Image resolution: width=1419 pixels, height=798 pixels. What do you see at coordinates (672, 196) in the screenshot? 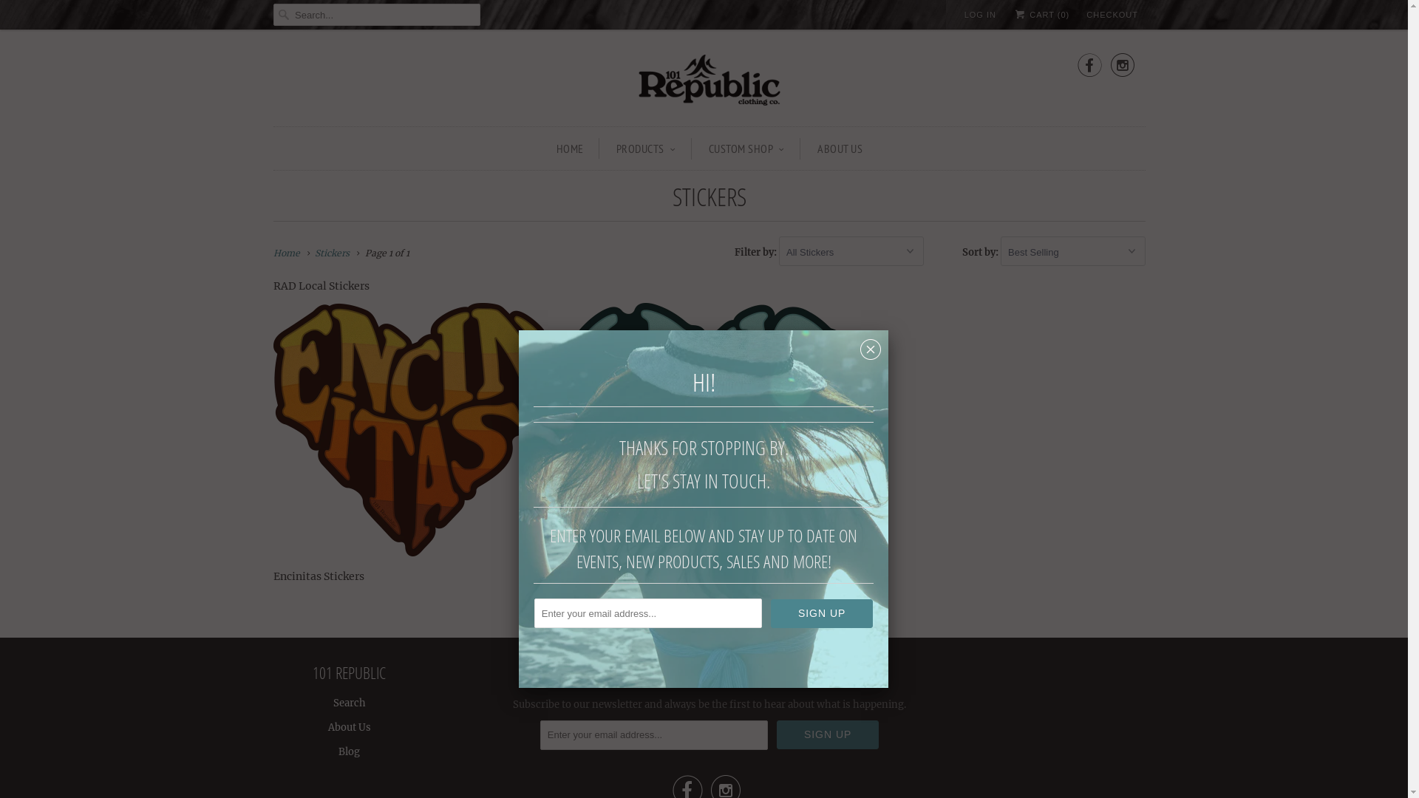
I see `'STICKERS'` at bounding box center [672, 196].